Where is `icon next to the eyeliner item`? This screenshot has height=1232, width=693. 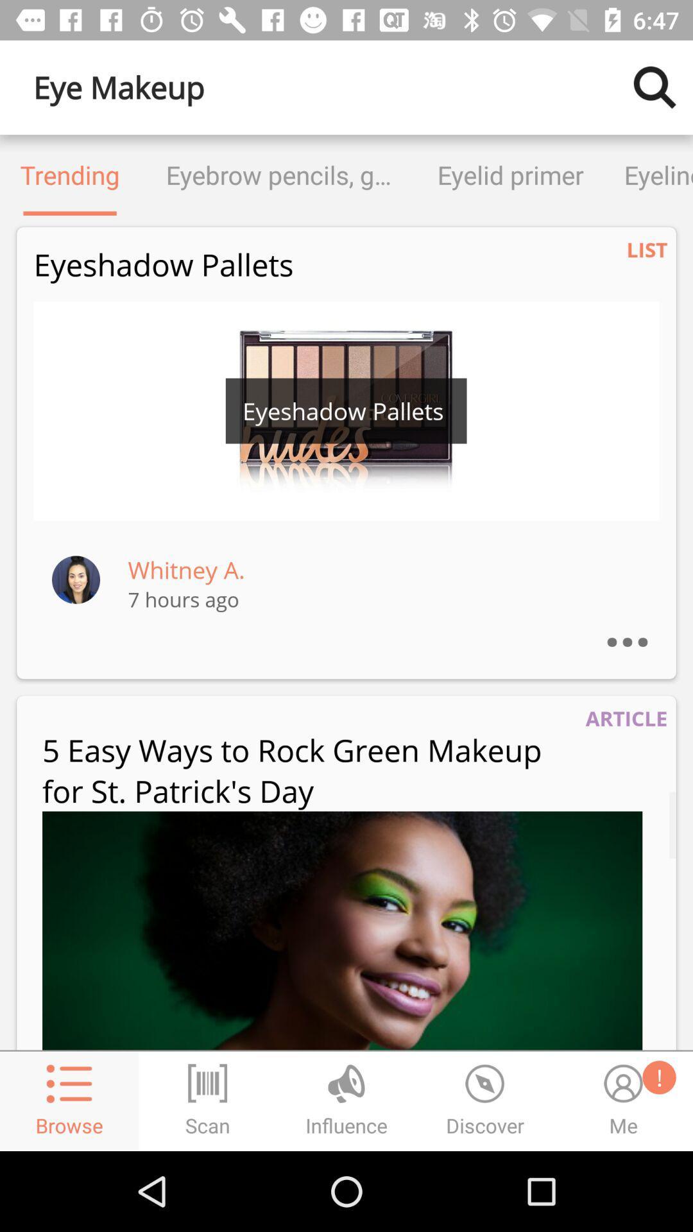
icon next to the eyeliner item is located at coordinates (509, 175).